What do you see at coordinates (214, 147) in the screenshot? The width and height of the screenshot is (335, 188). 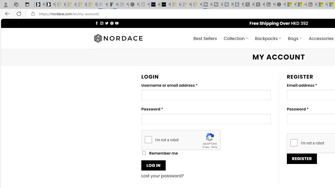 I see `'Terms'` at bounding box center [214, 147].